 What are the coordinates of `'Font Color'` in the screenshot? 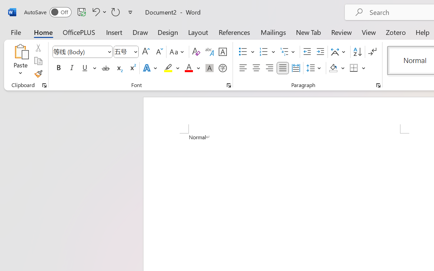 It's located at (192, 68).